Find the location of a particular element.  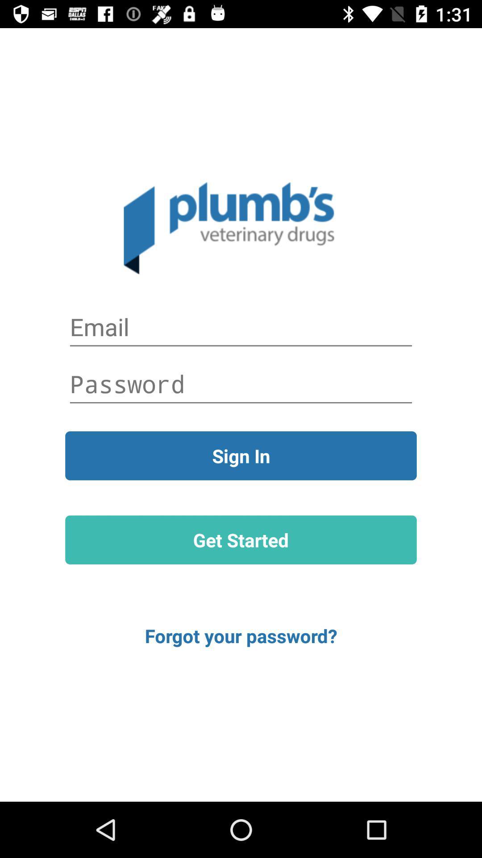

forgot your password? item is located at coordinates (241, 635).